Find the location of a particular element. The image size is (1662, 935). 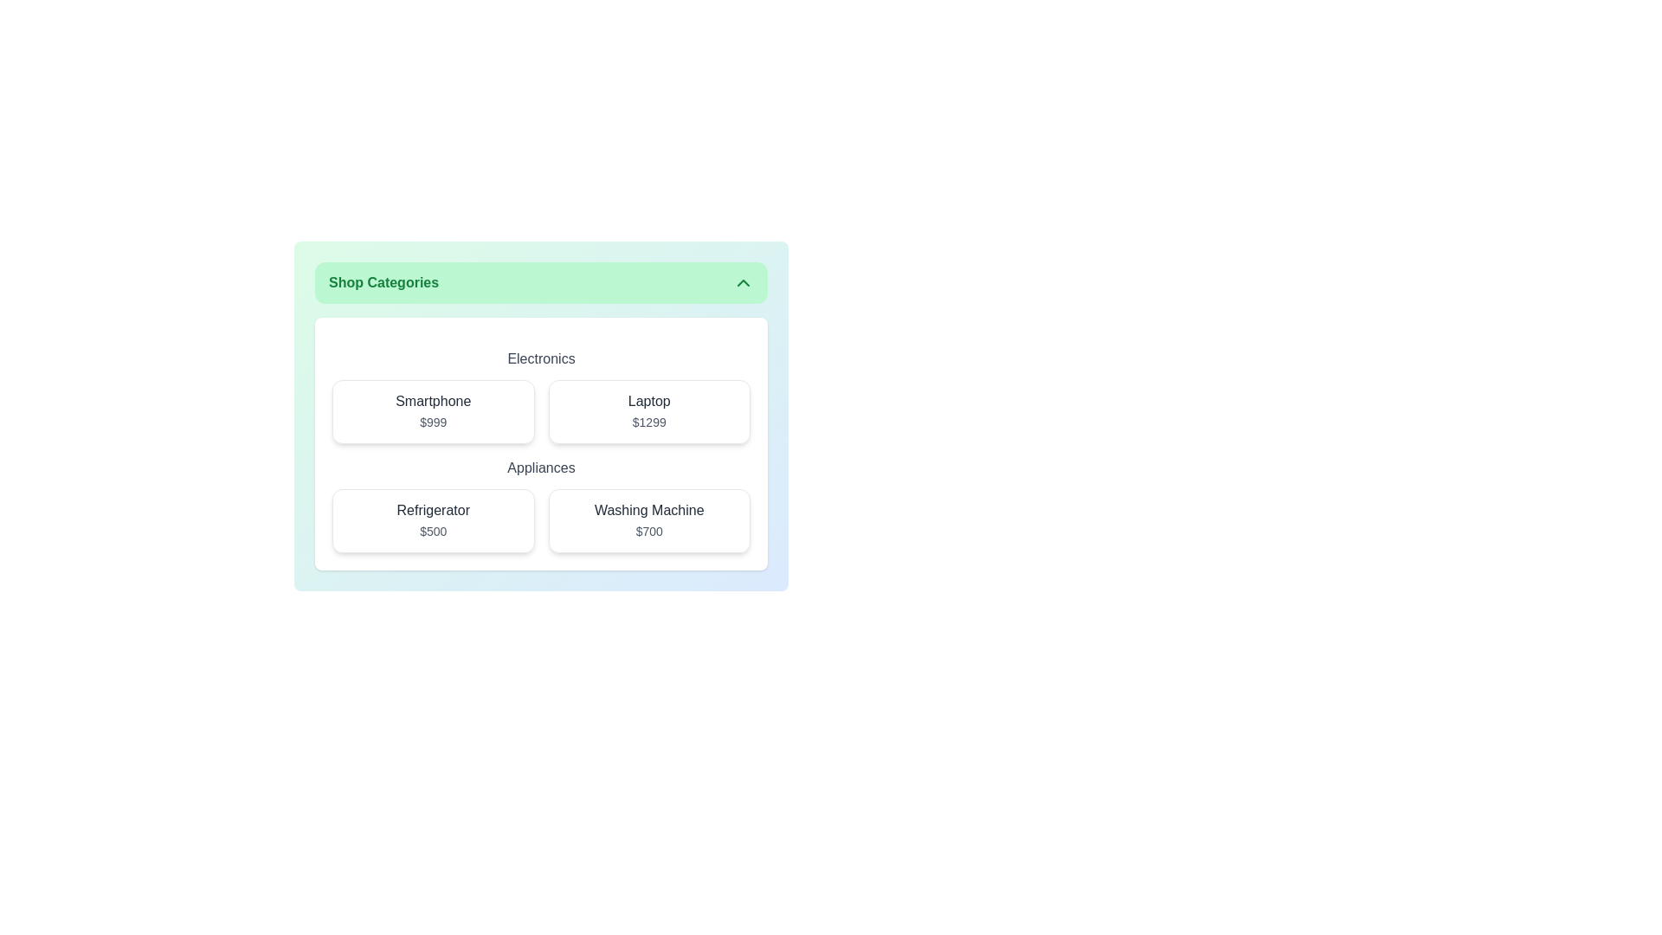

the text label displaying 'Appliances', which is styled in medium gray font and positioned below the 'Electronics' section is located at coordinates (540, 467).